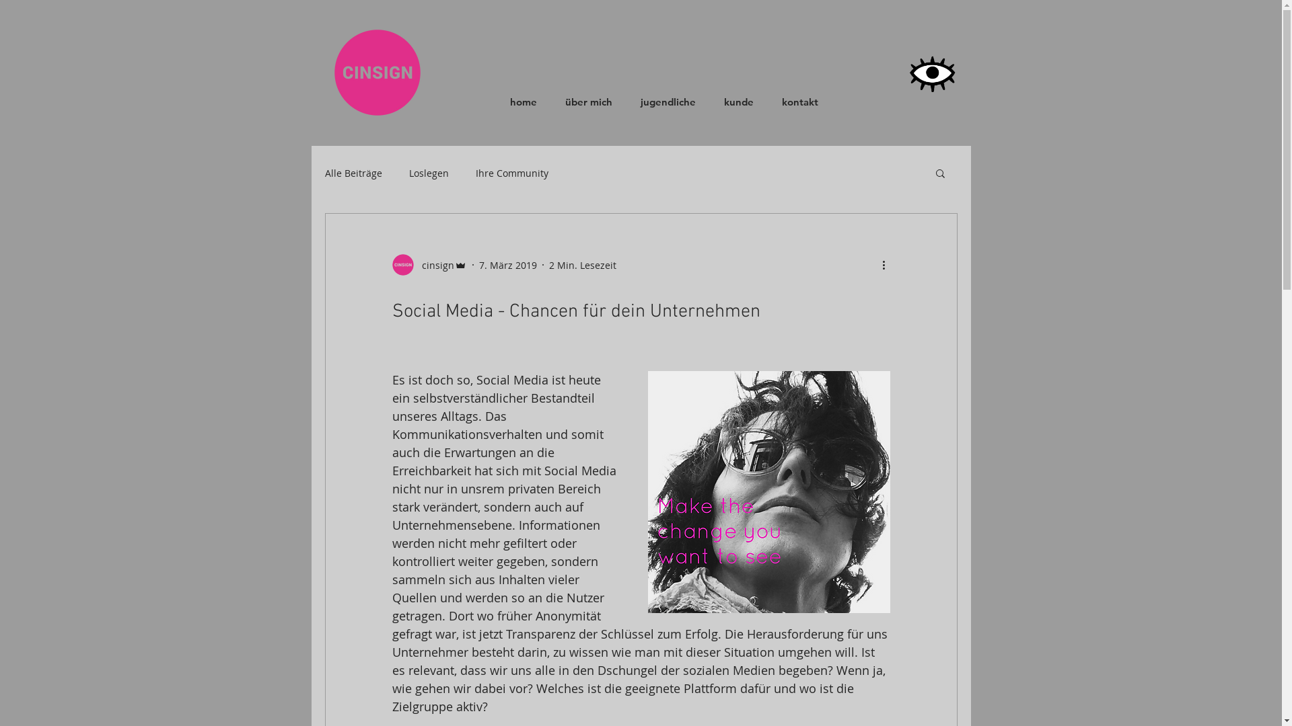 The height and width of the screenshot is (726, 1292). What do you see at coordinates (510, 172) in the screenshot?
I see `'Ihre Community'` at bounding box center [510, 172].